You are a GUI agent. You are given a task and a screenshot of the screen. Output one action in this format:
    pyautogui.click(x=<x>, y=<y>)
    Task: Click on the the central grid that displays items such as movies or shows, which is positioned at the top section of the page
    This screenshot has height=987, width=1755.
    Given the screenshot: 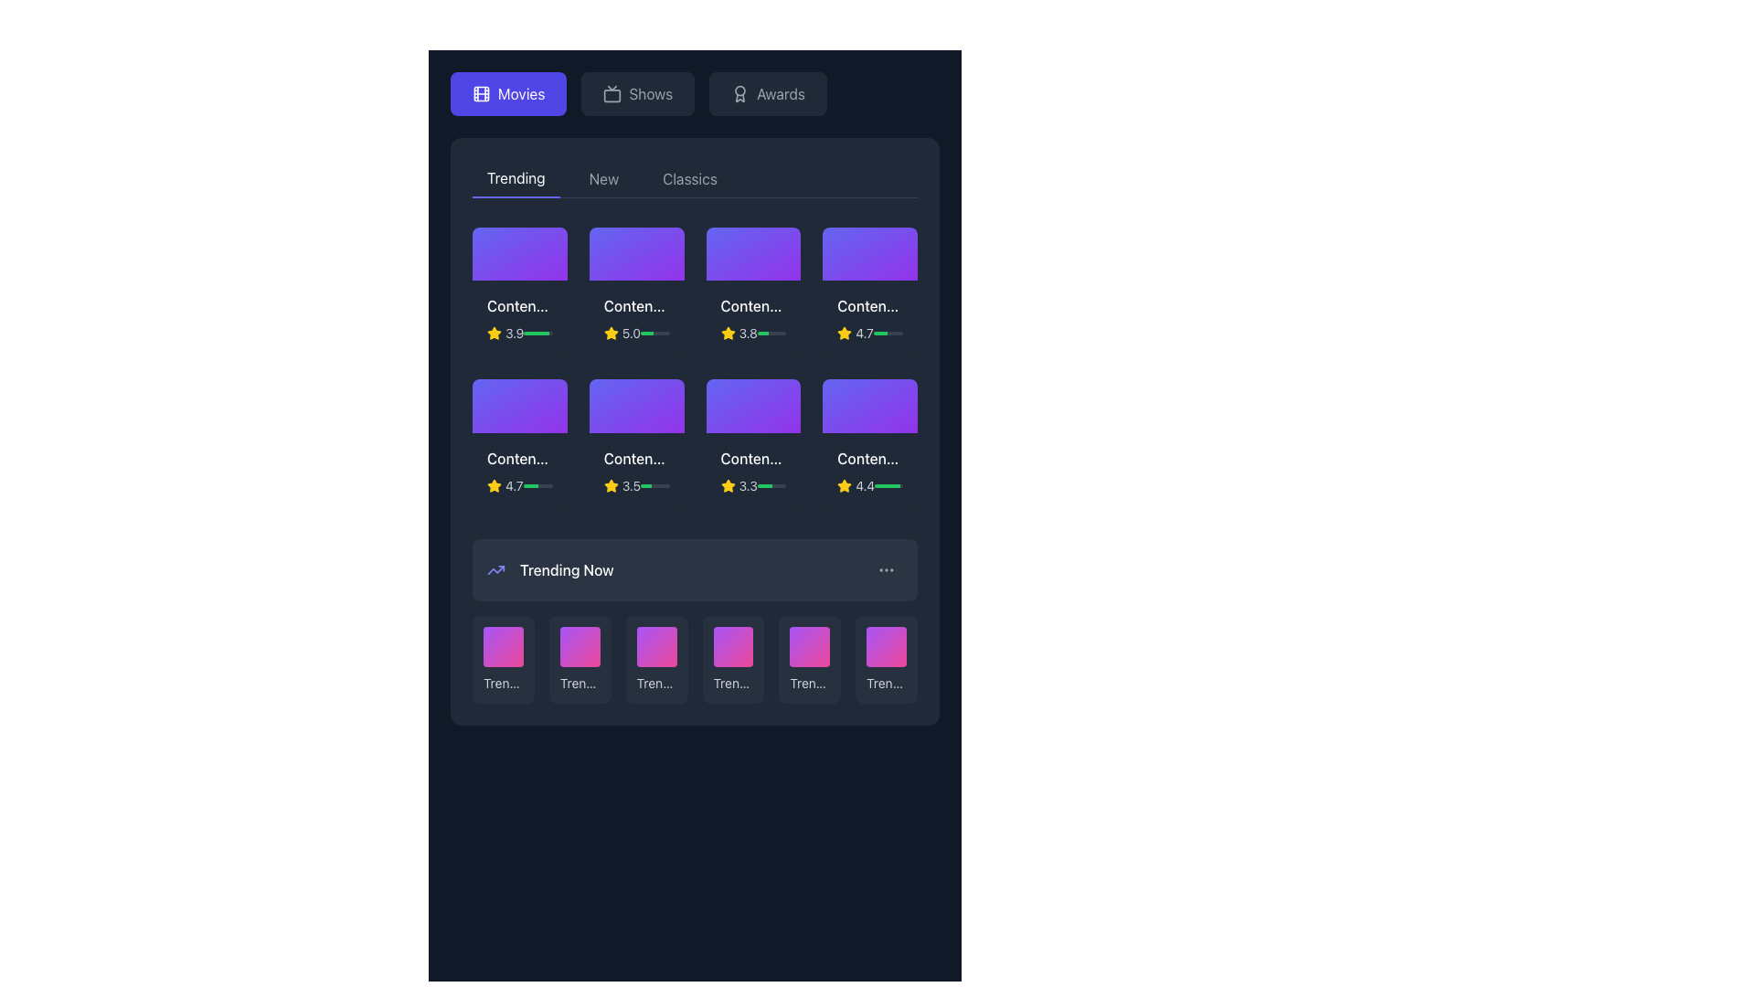 What is the action you would take?
    pyautogui.click(x=694, y=368)
    